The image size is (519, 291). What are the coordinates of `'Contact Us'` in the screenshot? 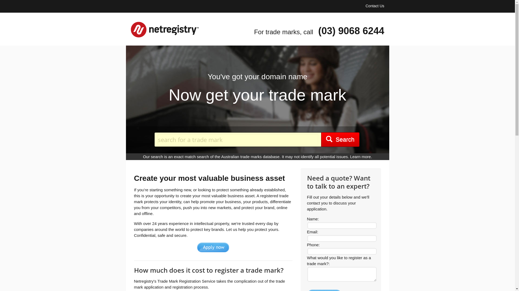 It's located at (374, 6).